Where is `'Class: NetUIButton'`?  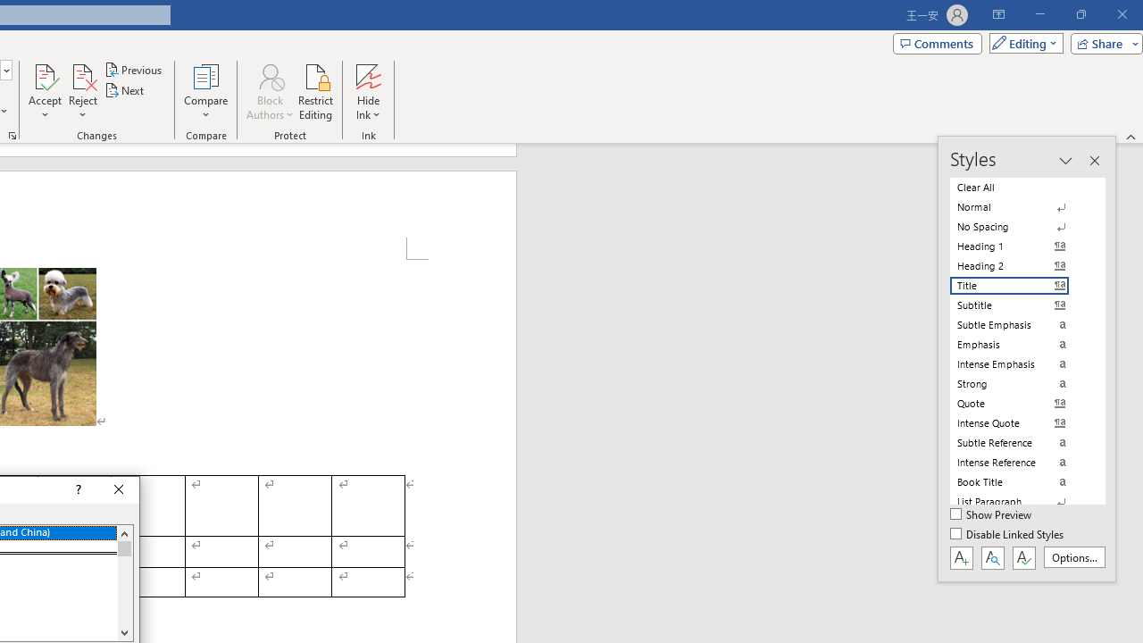 'Class: NetUIButton' is located at coordinates (1023, 556).